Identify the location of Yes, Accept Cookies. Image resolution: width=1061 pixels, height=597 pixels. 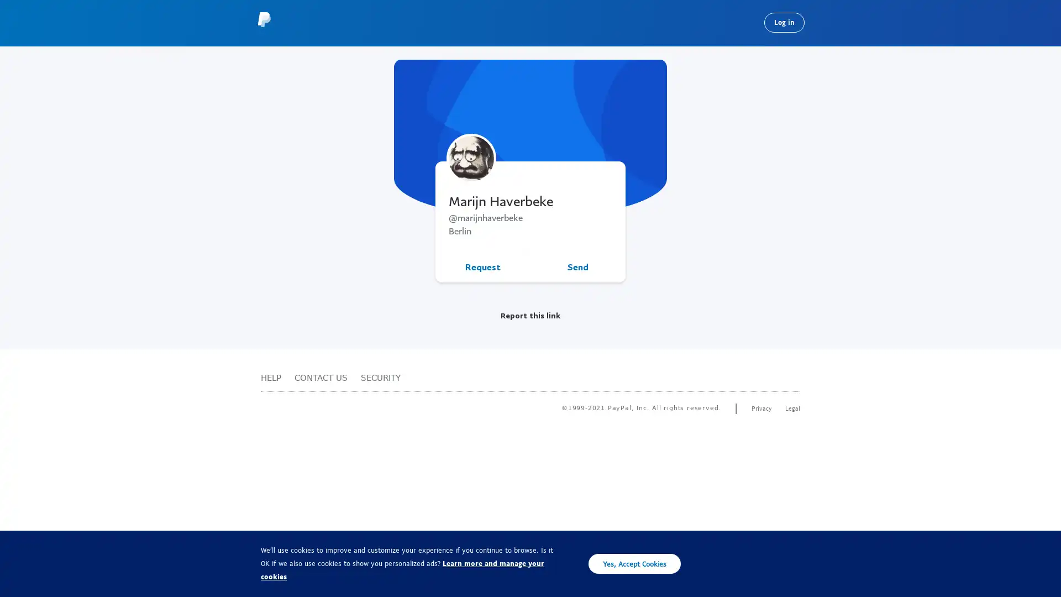
(634, 563).